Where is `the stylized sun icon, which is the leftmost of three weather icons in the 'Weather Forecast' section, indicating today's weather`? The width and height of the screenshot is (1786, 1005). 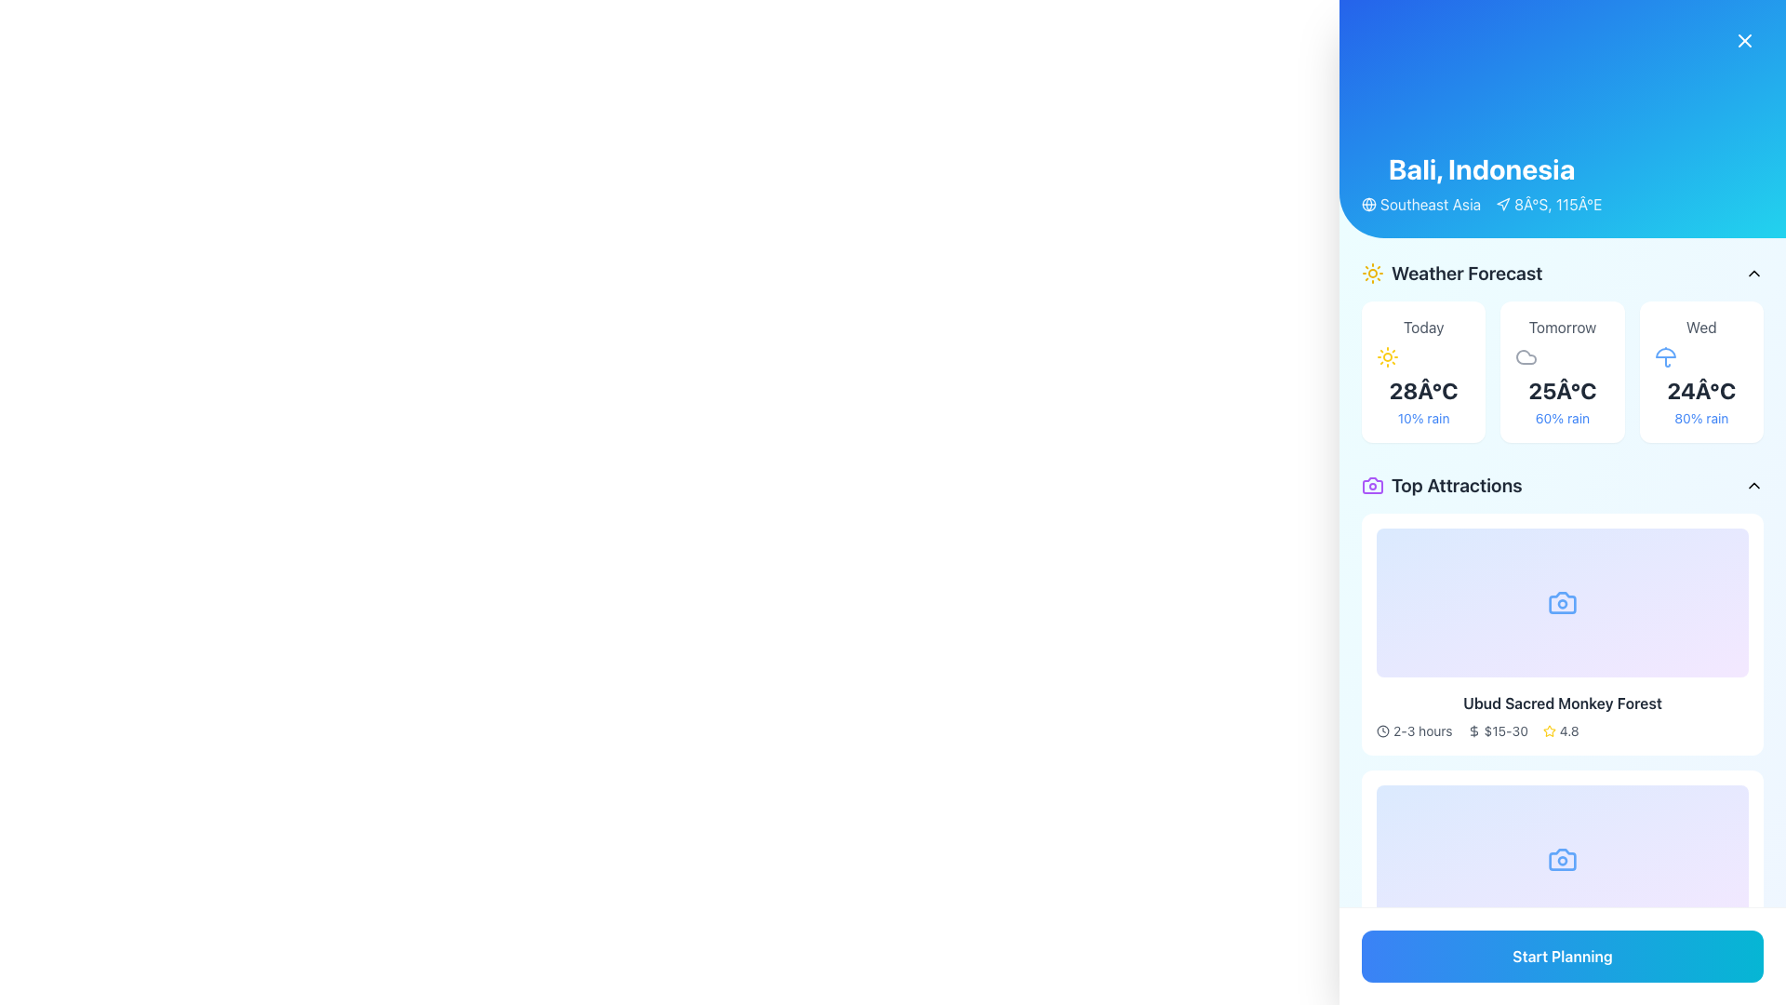 the stylized sun icon, which is the leftmost of three weather icons in the 'Weather Forecast' section, indicating today's weather is located at coordinates (1388, 357).